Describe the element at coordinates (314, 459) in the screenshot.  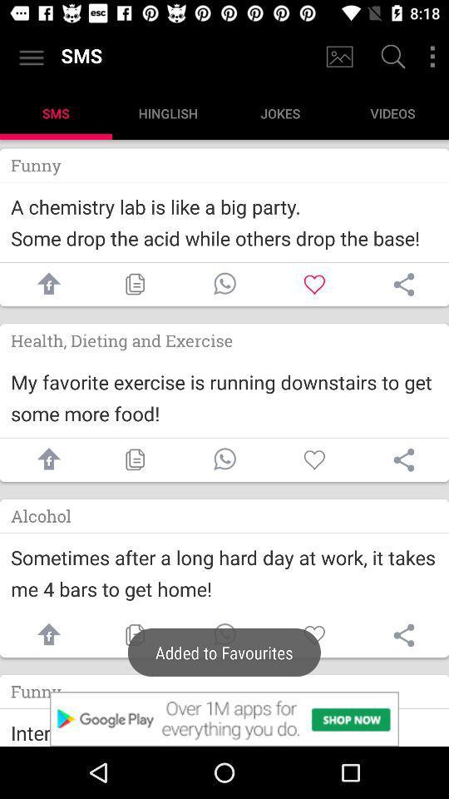
I see `like this` at that location.